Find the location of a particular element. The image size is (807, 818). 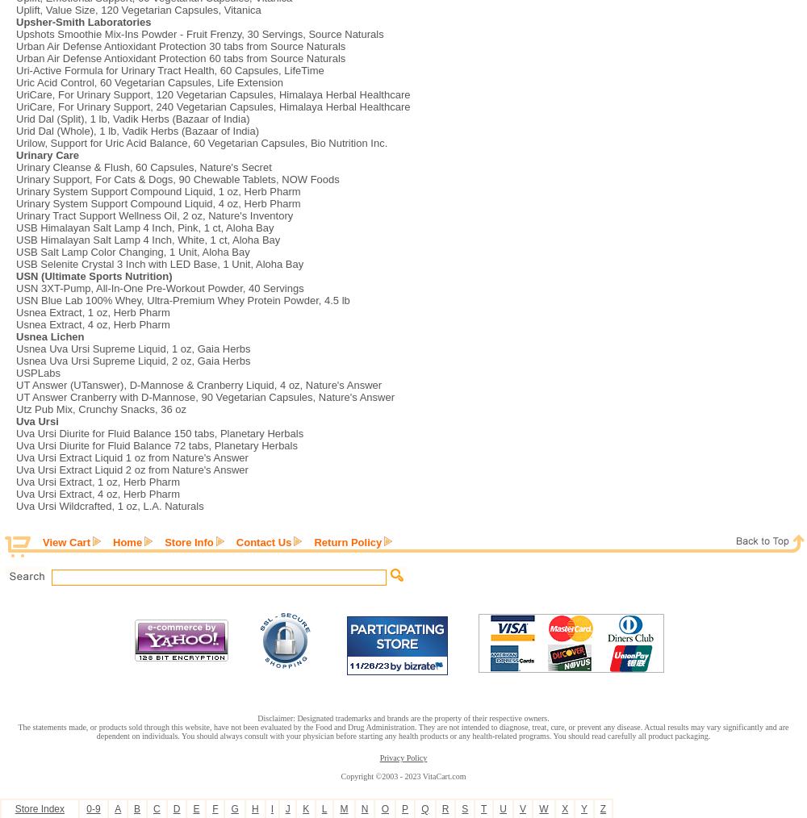

'USB Salt Lamp Color Changing, 1 Unit, Aloha Bay' is located at coordinates (132, 252).